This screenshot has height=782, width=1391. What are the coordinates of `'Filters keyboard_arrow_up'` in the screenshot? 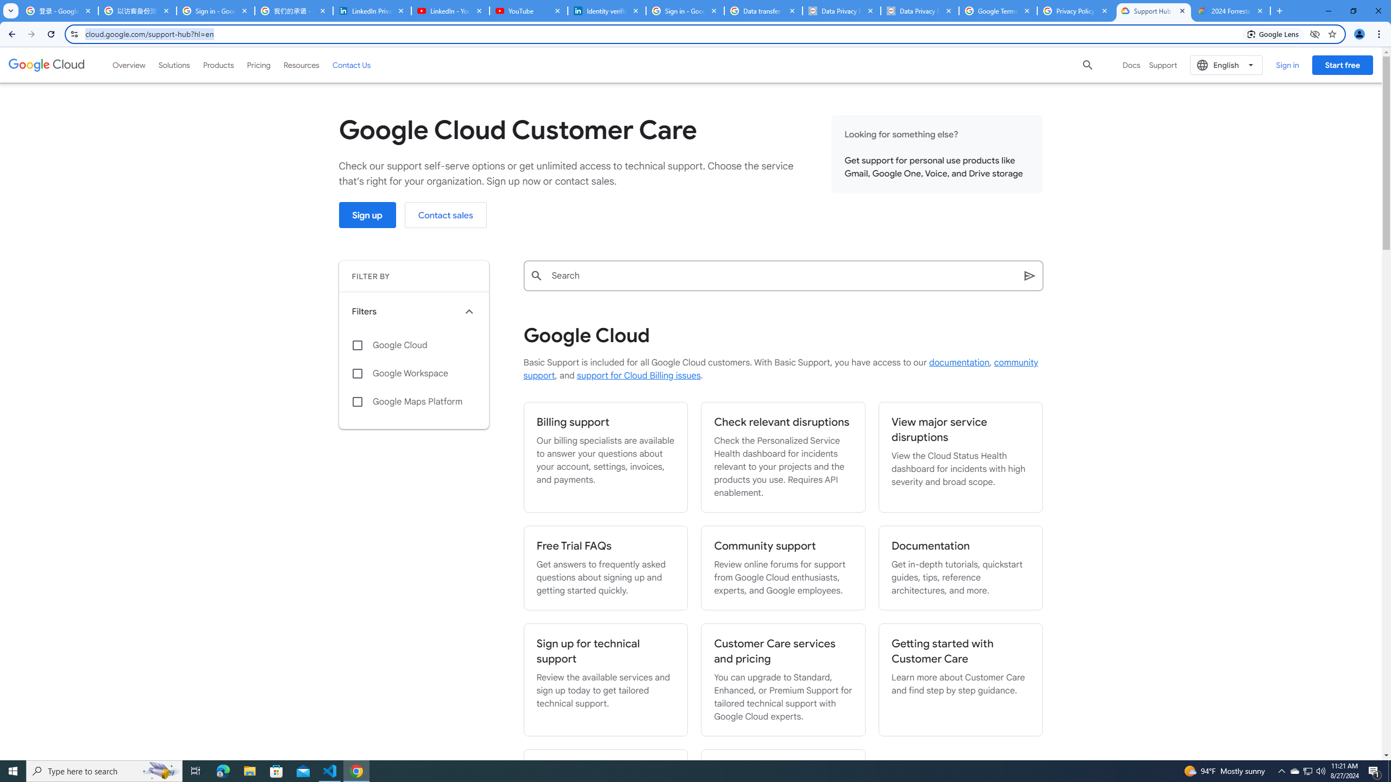 It's located at (413, 312).